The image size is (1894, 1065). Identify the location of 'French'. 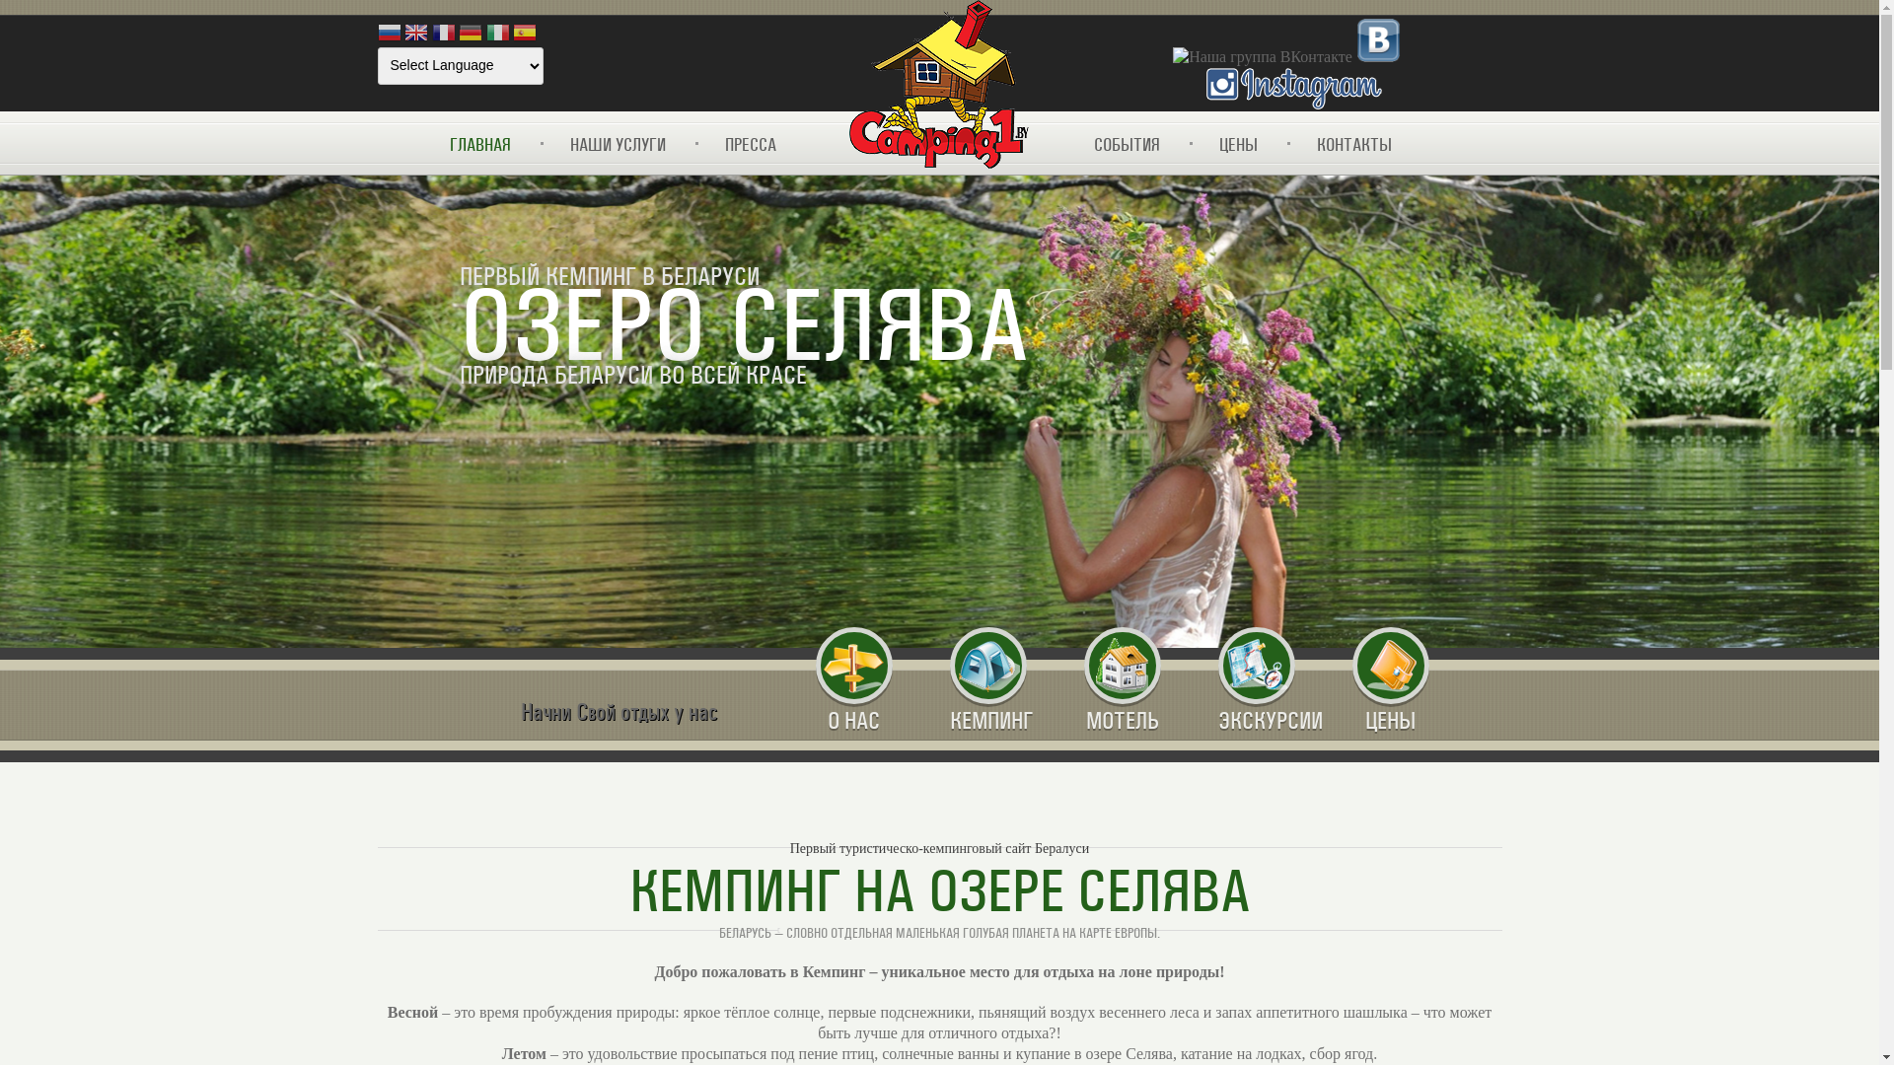
(443, 34).